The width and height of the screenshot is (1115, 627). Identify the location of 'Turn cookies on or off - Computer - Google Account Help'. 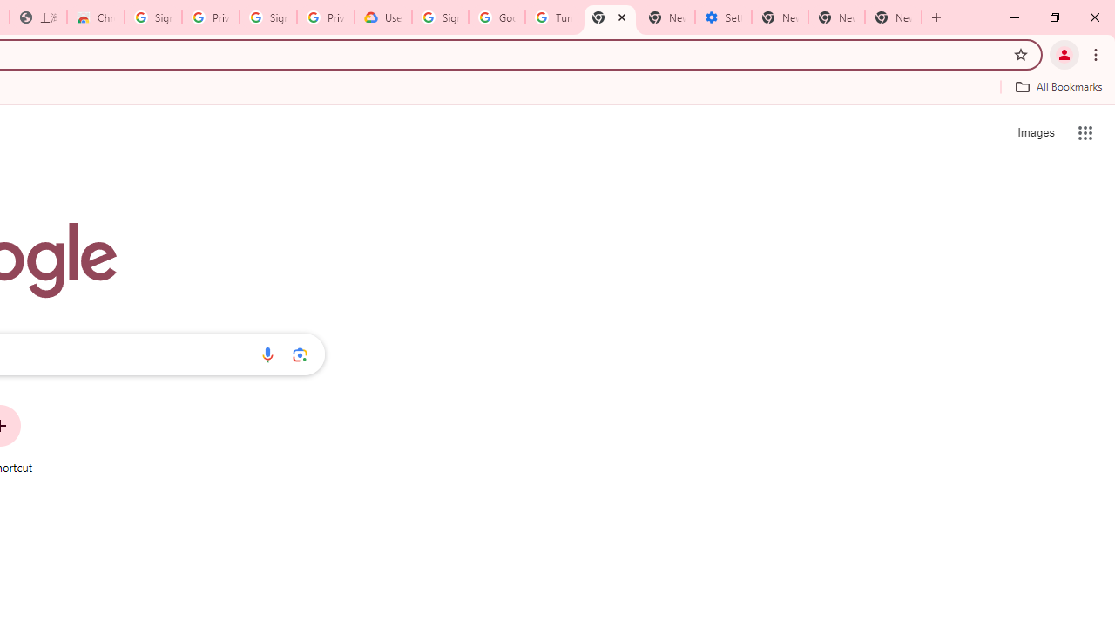
(552, 17).